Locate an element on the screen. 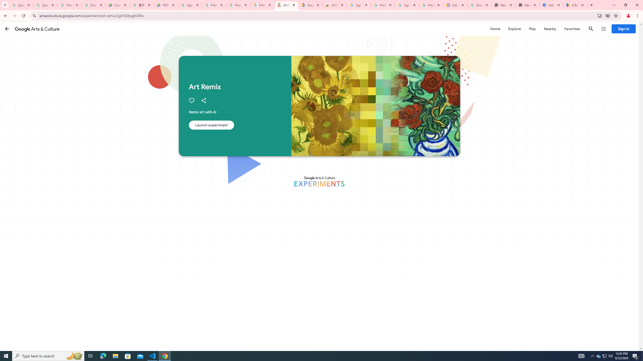 The height and width of the screenshot is (361, 643). 'Currencies - Google Finance' is located at coordinates (118, 5).